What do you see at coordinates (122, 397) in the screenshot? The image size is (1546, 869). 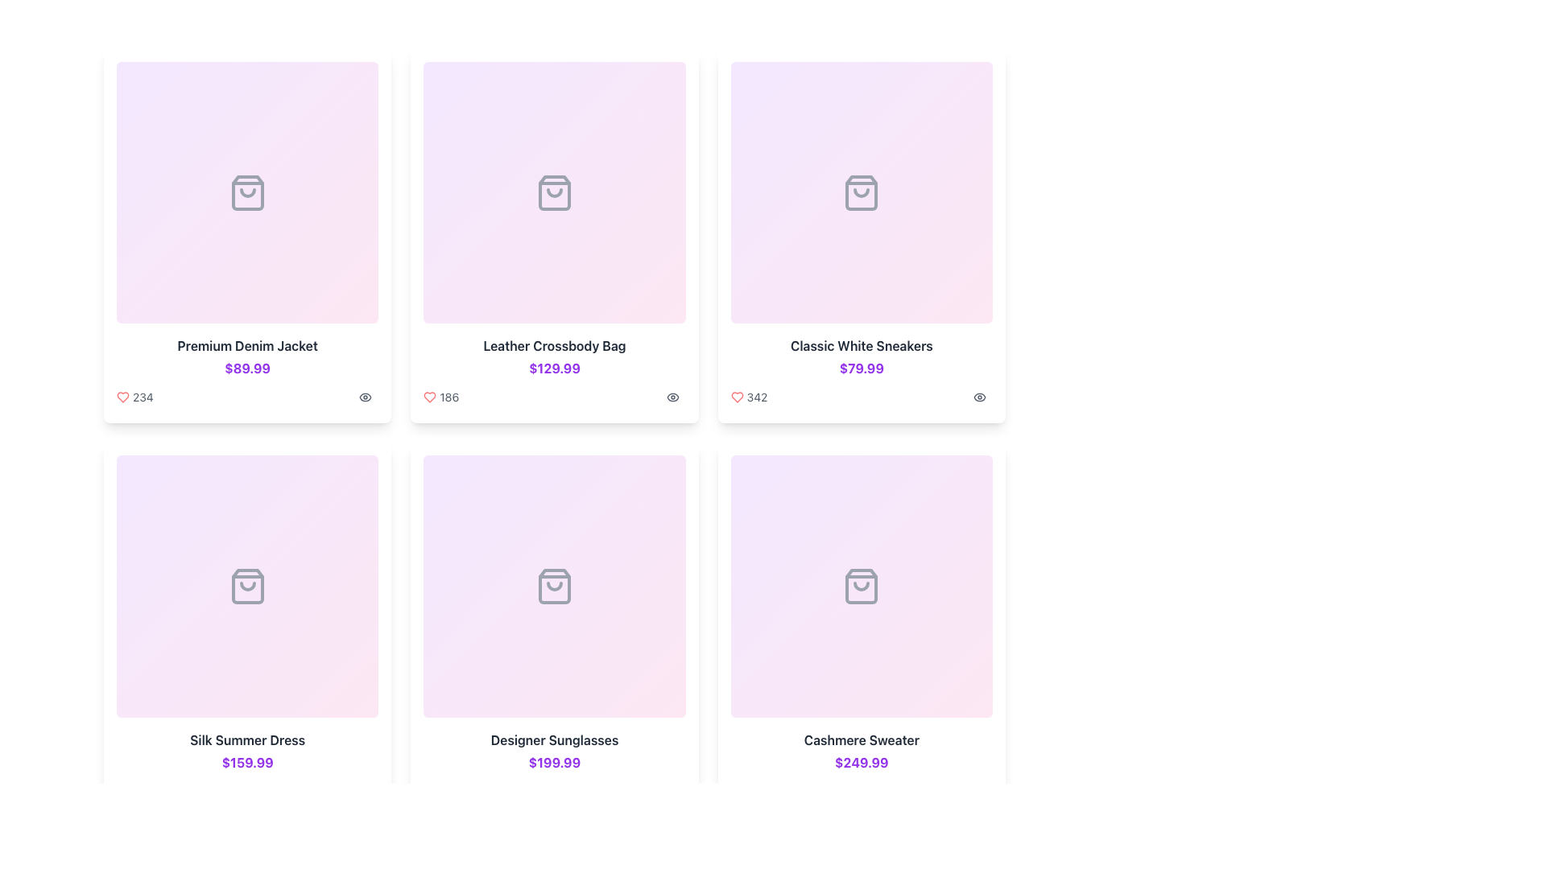 I see `the heart-shaped icon used to like or favorite an item, located in the bottom-left section of the first card in the top-left corner, adjacent to the numeric value '234'` at bounding box center [122, 397].